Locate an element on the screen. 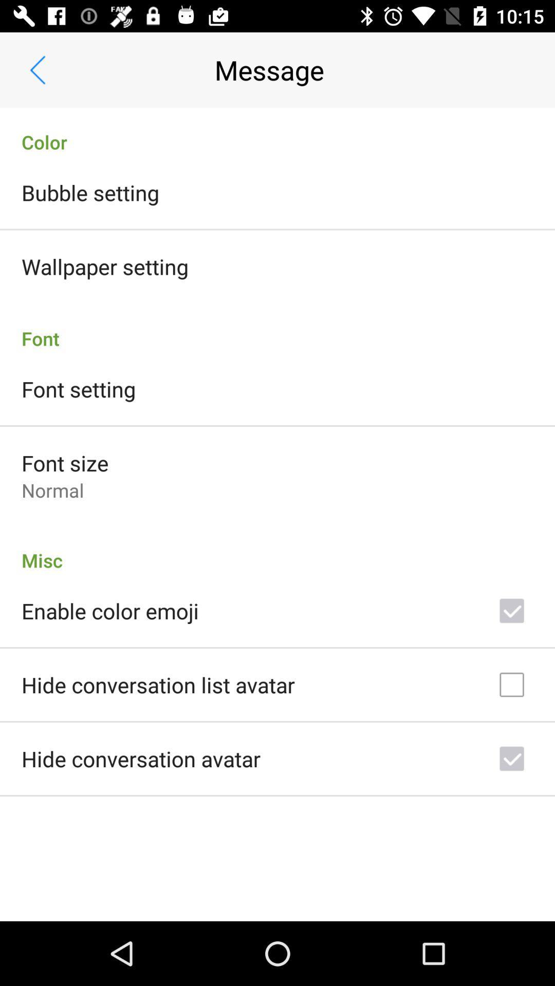 The height and width of the screenshot is (986, 555). item below the normal item is located at coordinates (277, 549).